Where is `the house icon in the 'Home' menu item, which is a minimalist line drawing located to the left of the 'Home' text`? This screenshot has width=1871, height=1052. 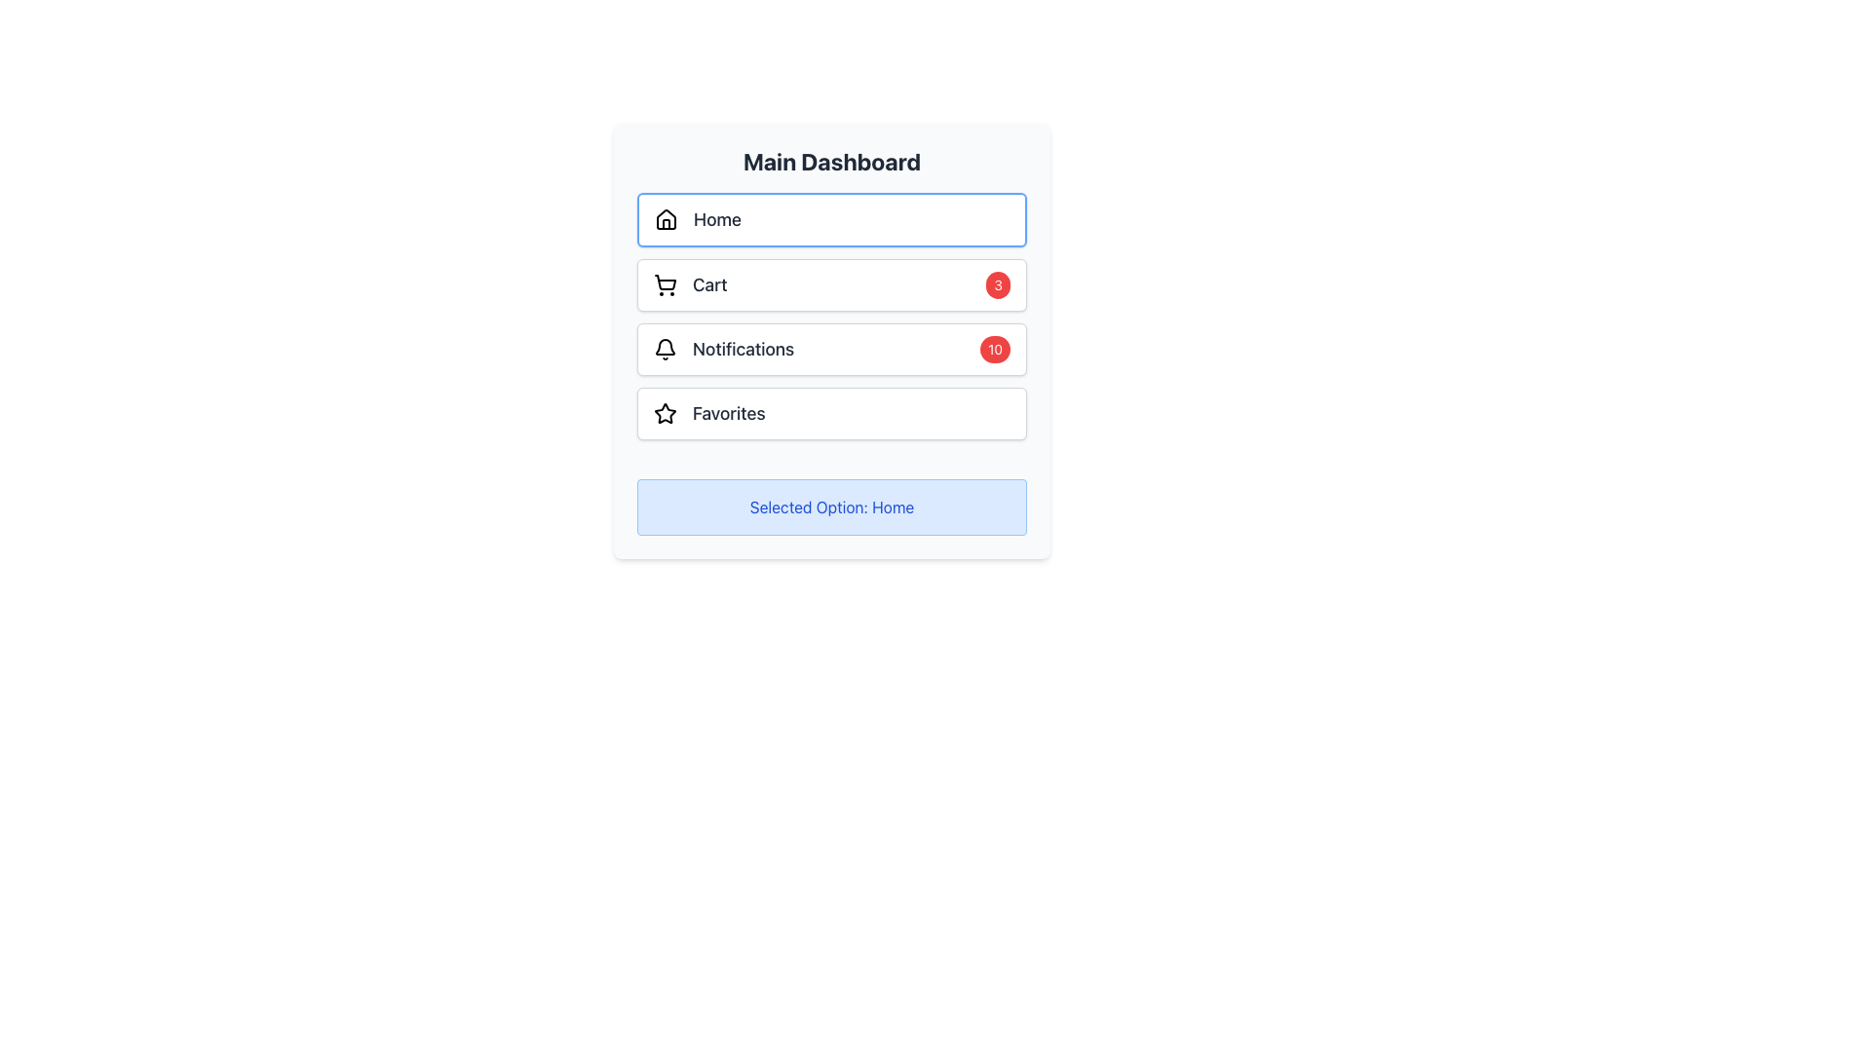
the house icon in the 'Home' menu item, which is a minimalist line drawing located to the left of the 'Home' text is located at coordinates (667, 219).